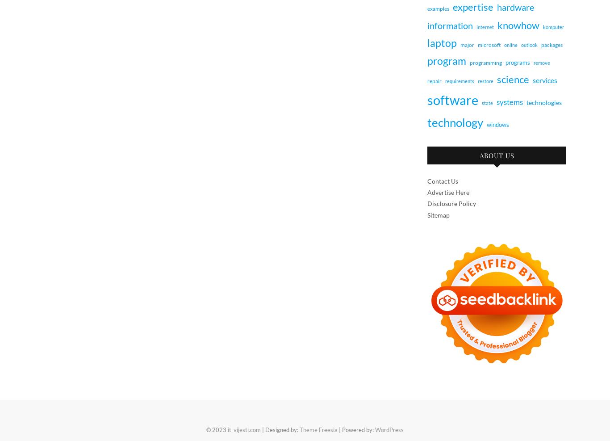  What do you see at coordinates (487, 102) in the screenshot?
I see `'state'` at bounding box center [487, 102].